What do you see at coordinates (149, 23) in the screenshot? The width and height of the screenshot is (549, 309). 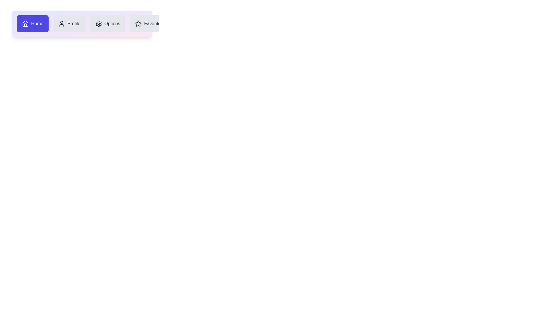 I see `the navigation item Favorites from the navigation bar` at bounding box center [149, 23].